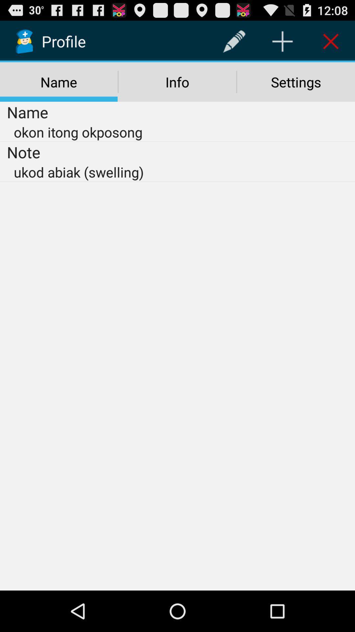 The height and width of the screenshot is (632, 355). Describe the element at coordinates (296, 82) in the screenshot. I see `the item to the right of info icon` at that location.